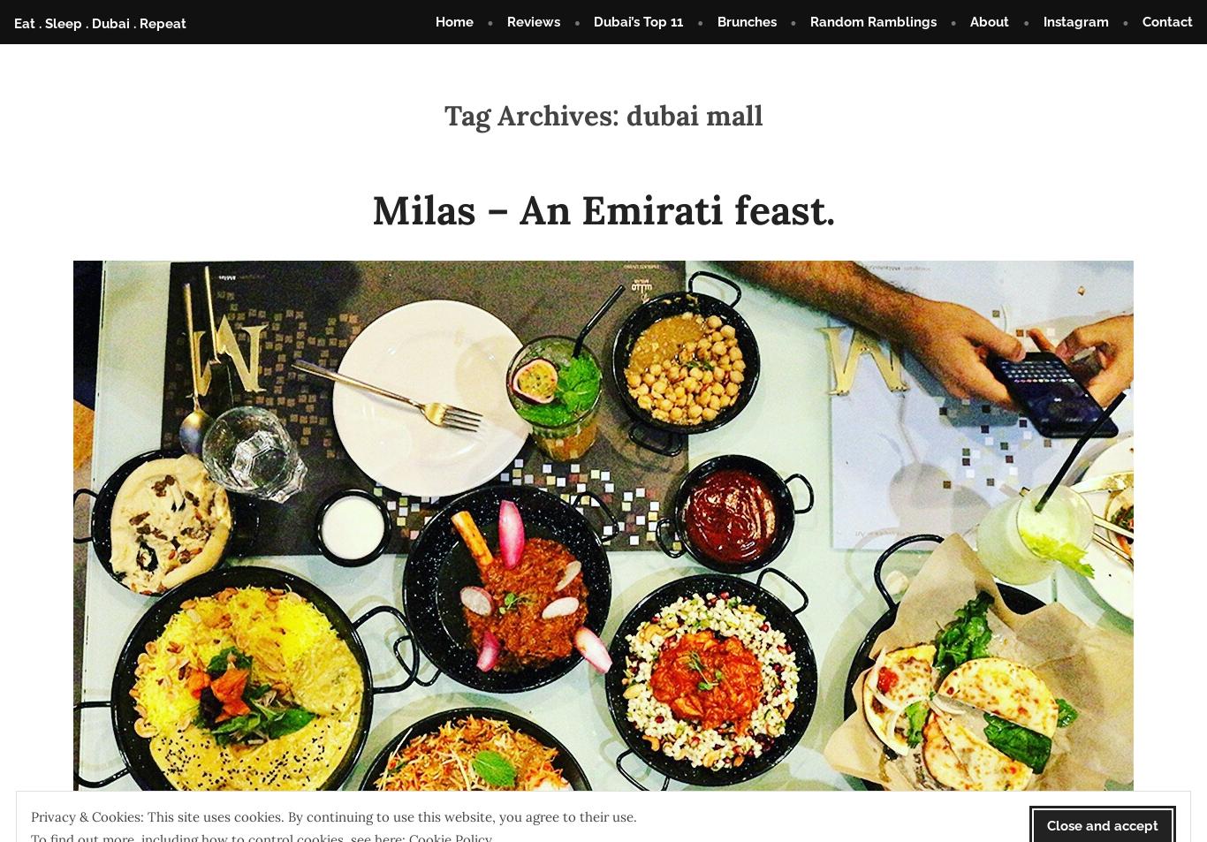 The height and width of the screenshot is (842, 1207). Describe the element at coordinates (1166, 20) in the screenshot. I see `'Contact'` at that location.